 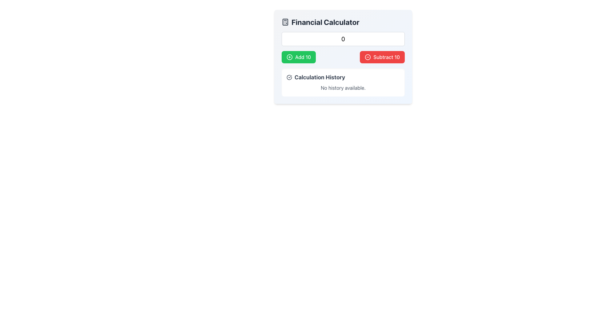 What do you see at coordinates (368, 57) in the screenshot?
I see `the subtraction icon on the 'Subtract 10' button` at bounding box center [368, 57].